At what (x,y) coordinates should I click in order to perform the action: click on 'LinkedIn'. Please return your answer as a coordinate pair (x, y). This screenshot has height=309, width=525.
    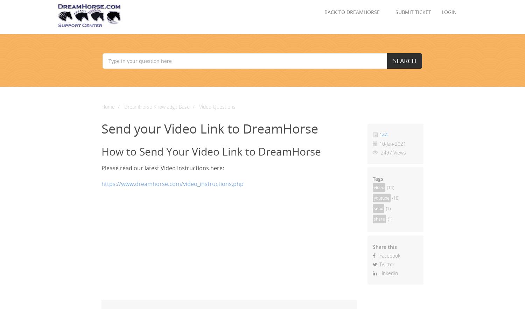
    Looking at the image, I should click on (387, 273).